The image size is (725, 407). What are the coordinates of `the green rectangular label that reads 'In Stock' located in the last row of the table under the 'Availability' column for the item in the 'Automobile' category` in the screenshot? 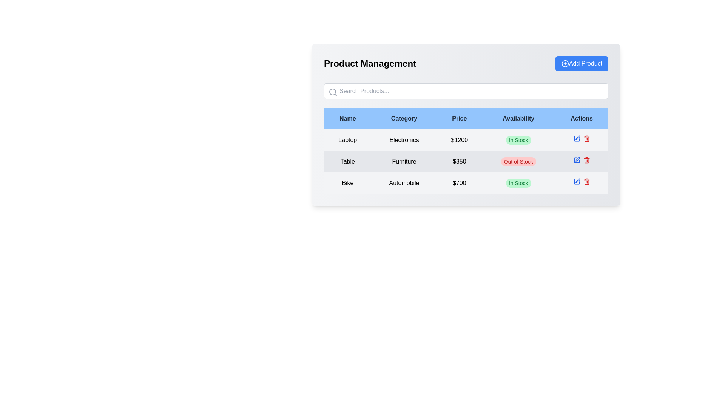 It's located at (518, 183).